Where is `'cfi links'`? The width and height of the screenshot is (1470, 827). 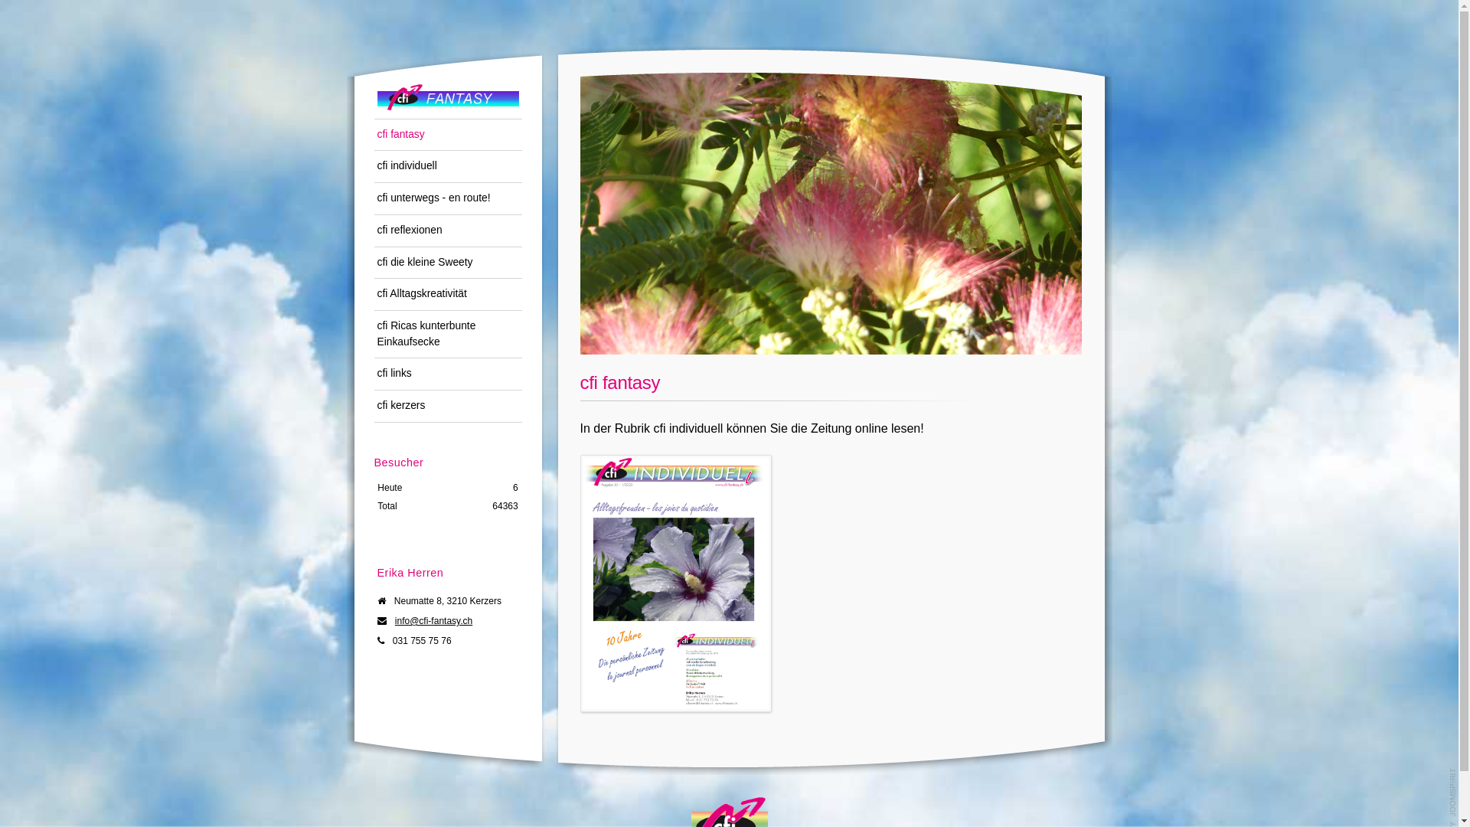
'cfi links' is located at coordinates (446, 374).